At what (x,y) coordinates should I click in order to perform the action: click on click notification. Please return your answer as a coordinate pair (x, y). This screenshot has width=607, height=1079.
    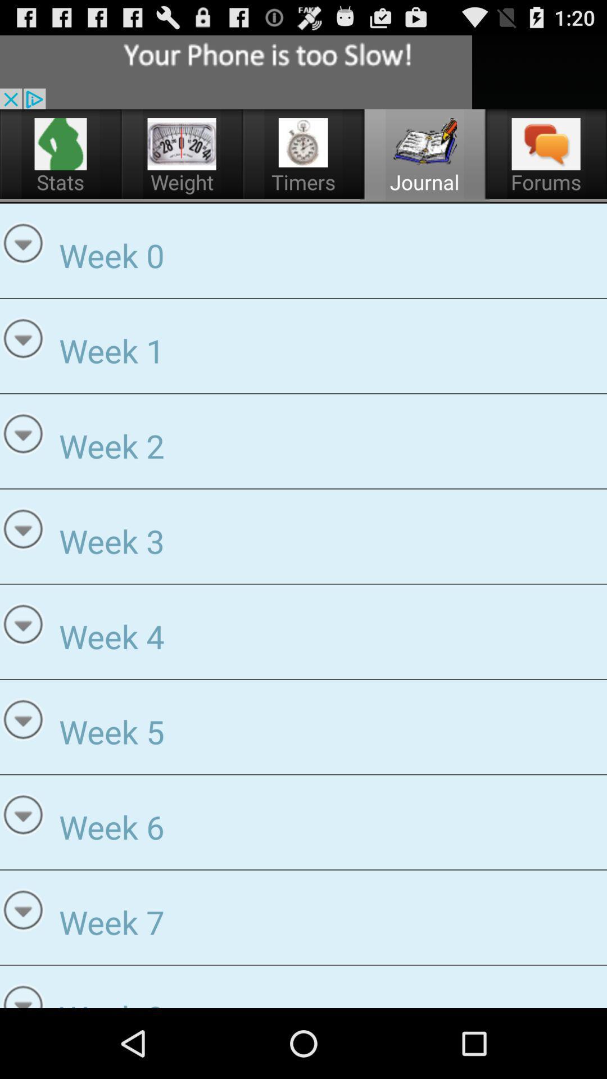
    Looking at the image, I should click on (235, 71).